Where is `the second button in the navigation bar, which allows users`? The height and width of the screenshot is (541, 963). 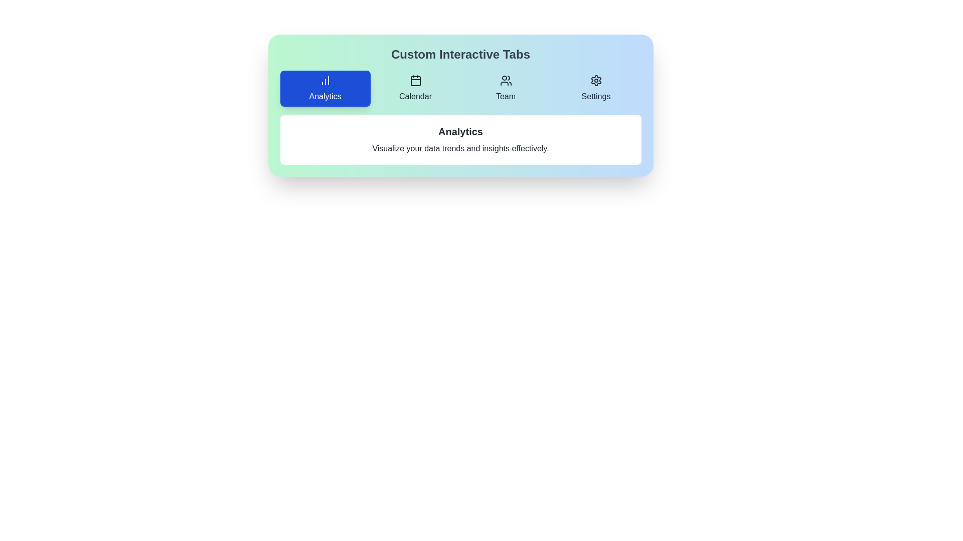 the second button in the navigation bar, which allows users is located at coordinates (415, 88).